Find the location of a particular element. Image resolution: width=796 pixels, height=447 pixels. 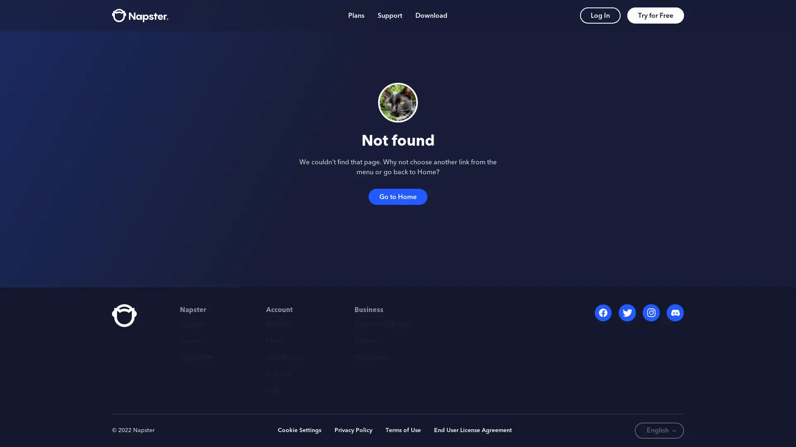

Accept is located at coordinates (592, 417).